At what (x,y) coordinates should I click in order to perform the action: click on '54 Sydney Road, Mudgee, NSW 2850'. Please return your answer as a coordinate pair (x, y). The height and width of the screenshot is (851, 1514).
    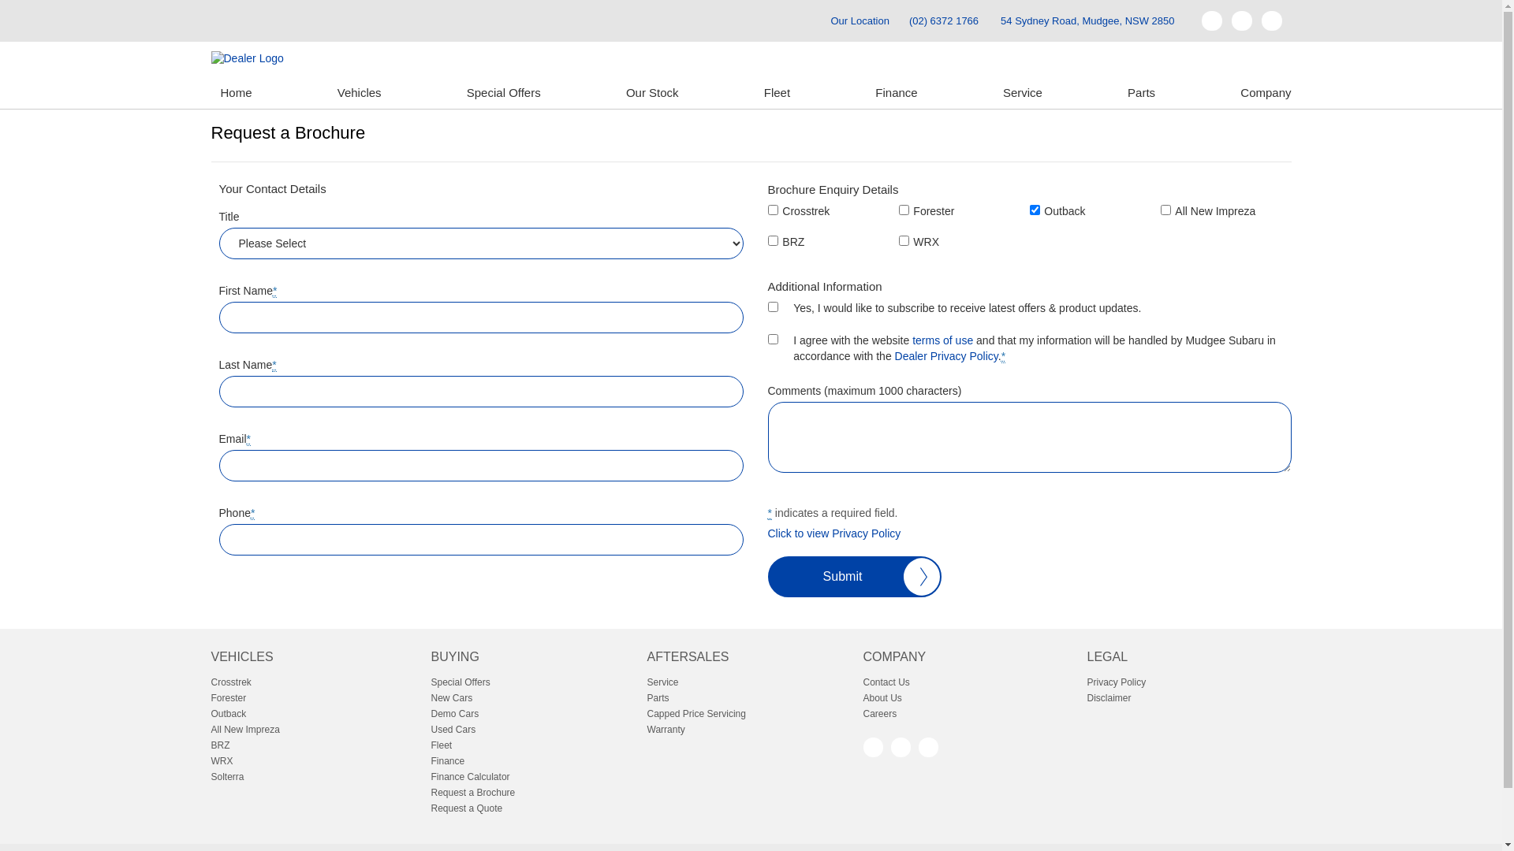
    Looking at the image, I should click on (1086, 20).